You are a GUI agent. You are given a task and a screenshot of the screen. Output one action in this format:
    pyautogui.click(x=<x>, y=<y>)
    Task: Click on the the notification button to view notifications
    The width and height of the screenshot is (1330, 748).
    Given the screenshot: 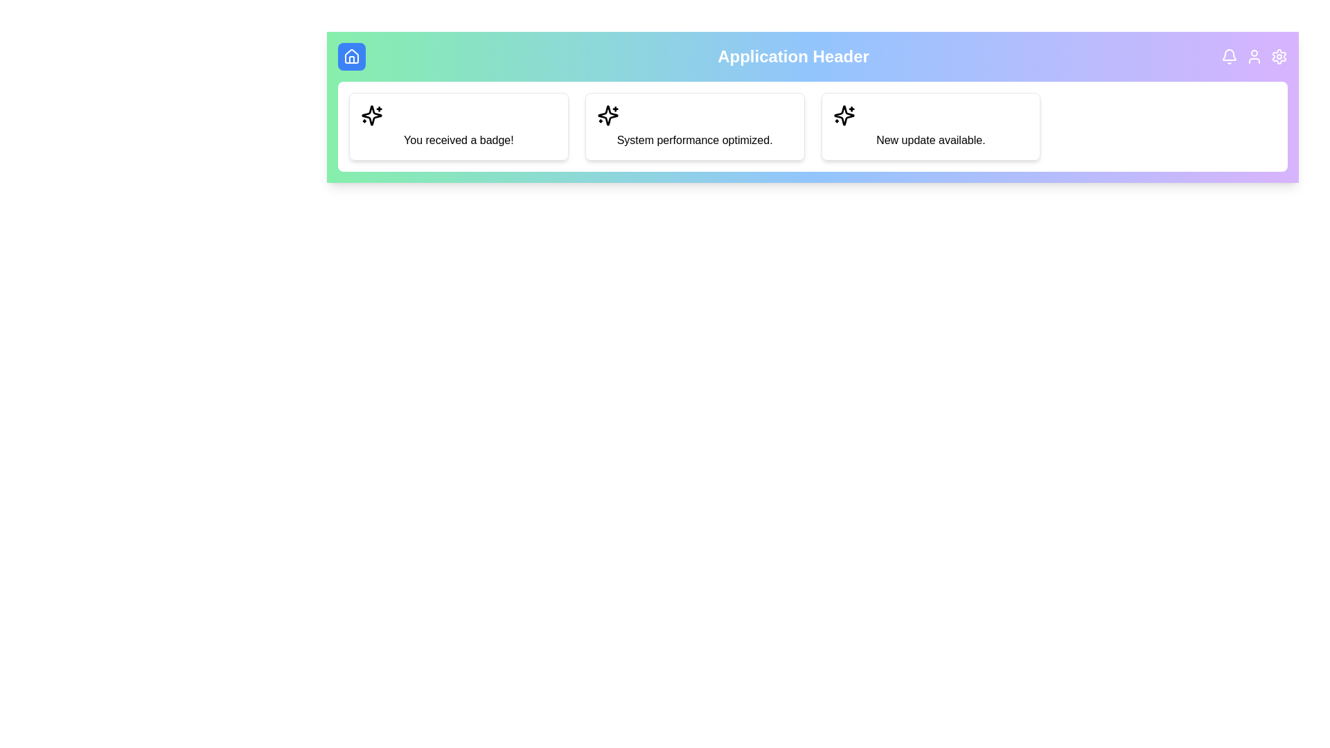 What is the action you would take?
    pyautogui.click(x=1230, y=55)
    